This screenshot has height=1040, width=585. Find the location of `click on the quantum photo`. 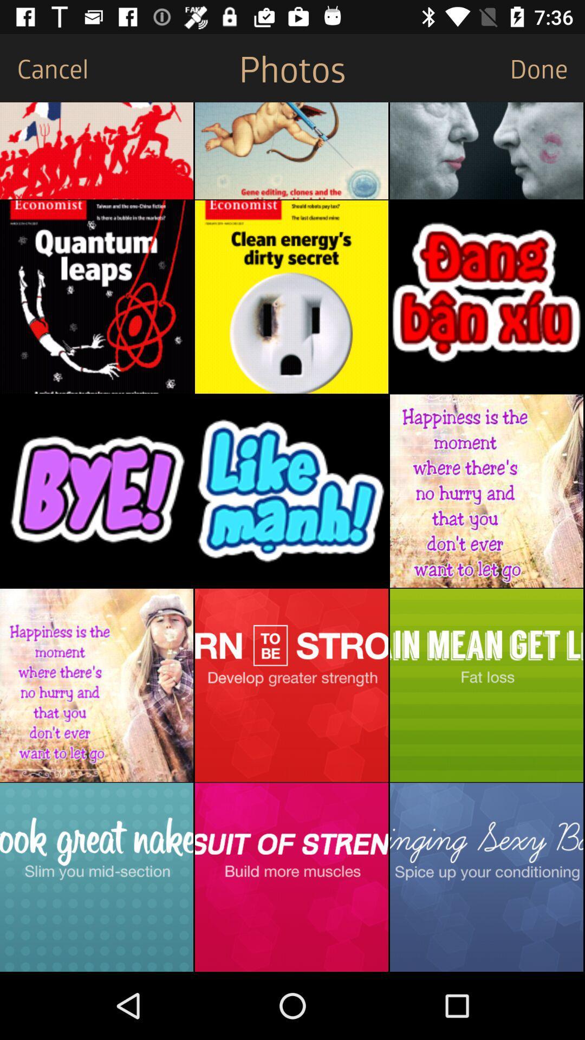

click on the quantum photo is located at coordinates (96, 297).